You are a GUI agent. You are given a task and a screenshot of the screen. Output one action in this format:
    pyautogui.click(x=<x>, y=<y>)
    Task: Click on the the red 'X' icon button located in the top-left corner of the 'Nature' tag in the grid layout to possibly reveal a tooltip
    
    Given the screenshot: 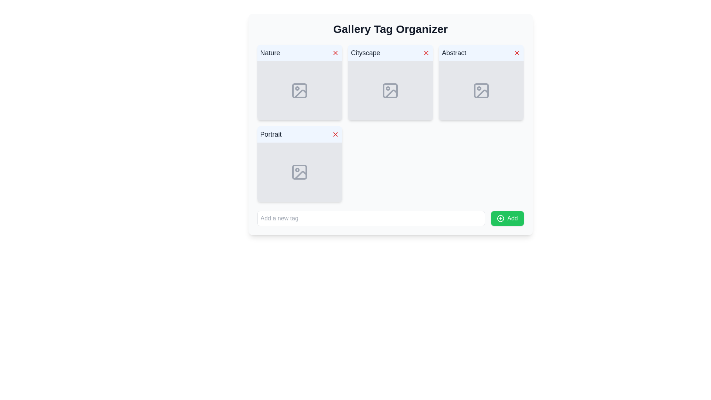 What is the action you would take?
    pyautogui.click(x=335, y=52)
    